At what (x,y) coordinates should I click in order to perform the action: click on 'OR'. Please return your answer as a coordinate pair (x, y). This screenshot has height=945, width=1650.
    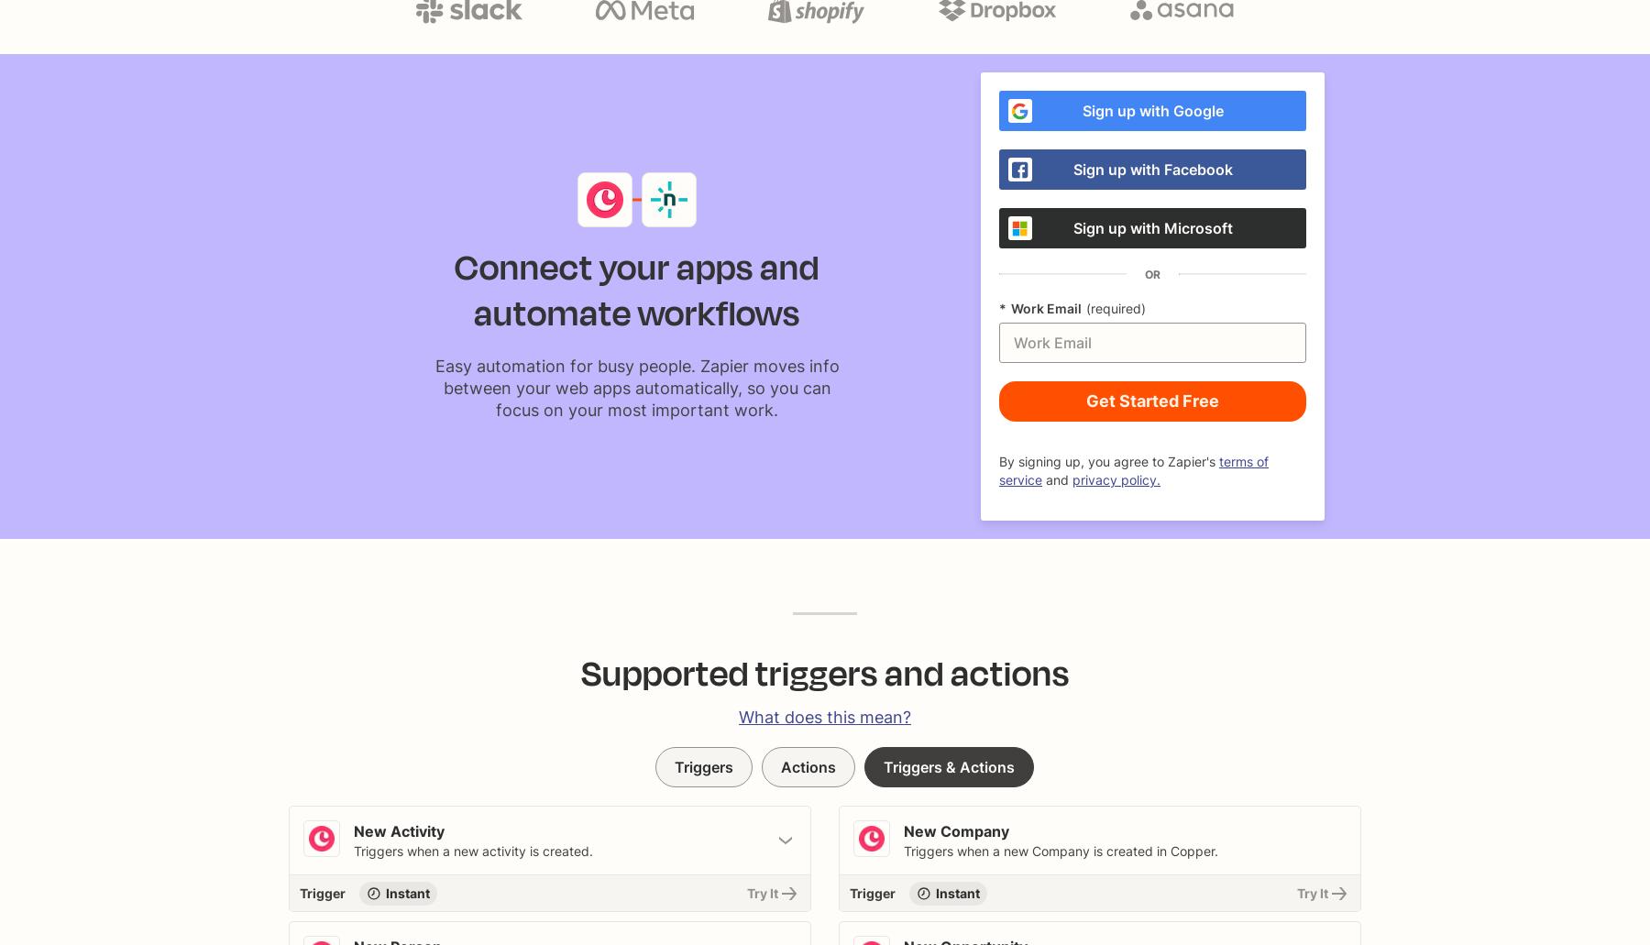
    Looking at the image, I should click on (1152, 273).